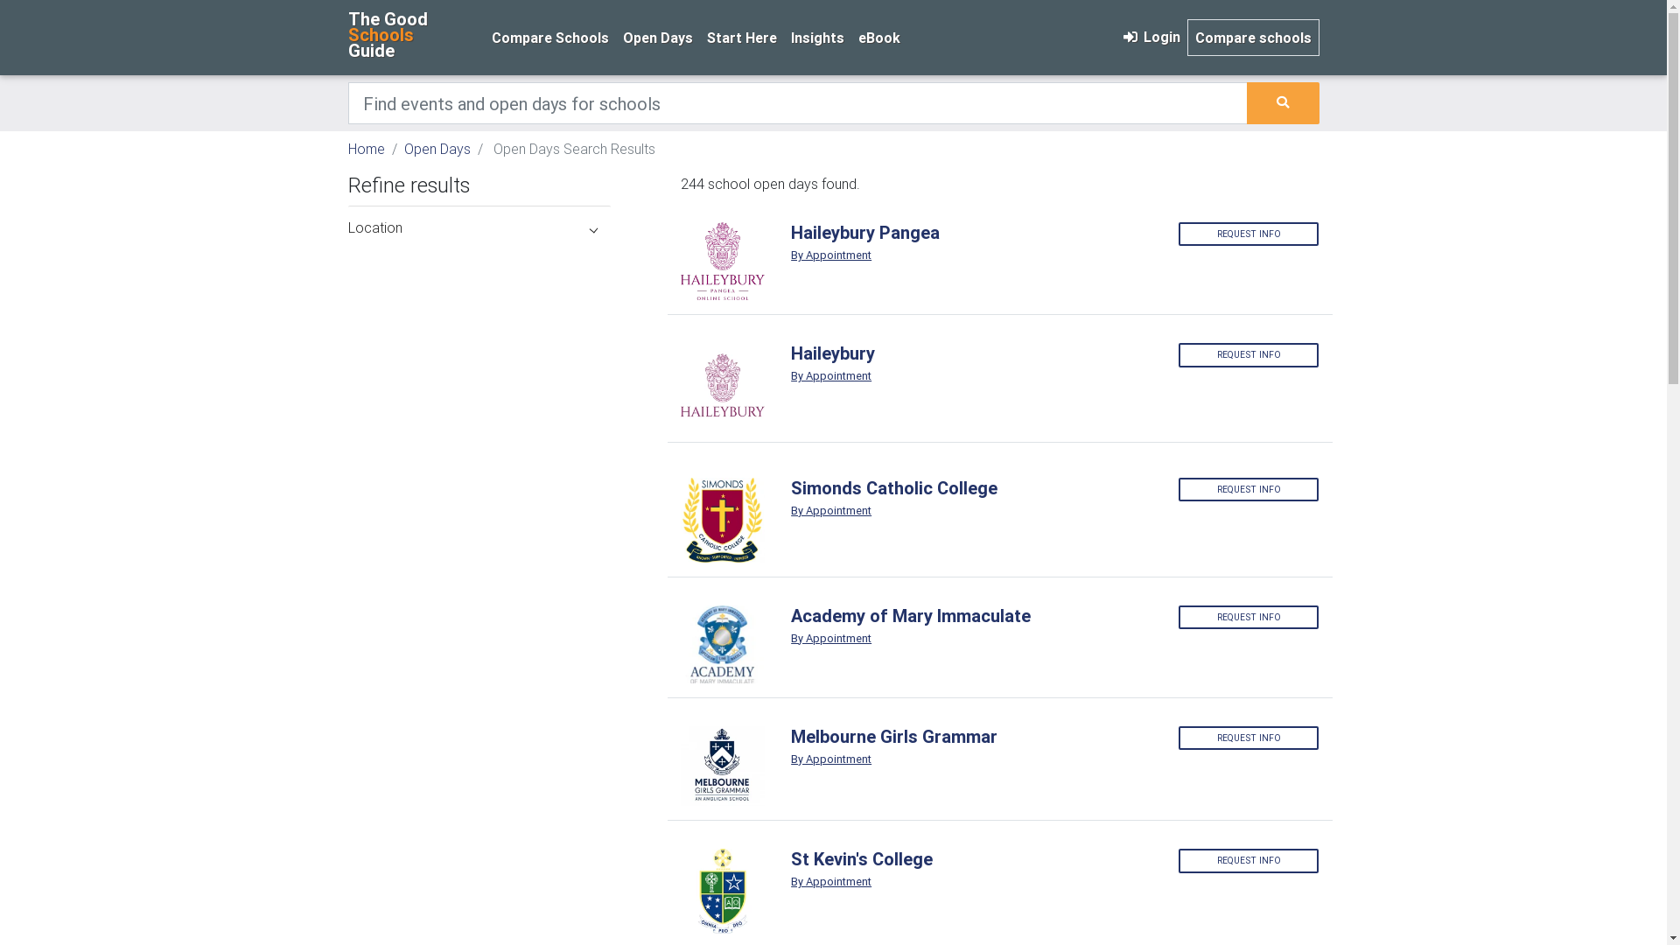 The height and width of the screenshot is (945, 1680). Describe the element at coordinates (479, 226) in the screenshot. I see `'Location'` at that location.